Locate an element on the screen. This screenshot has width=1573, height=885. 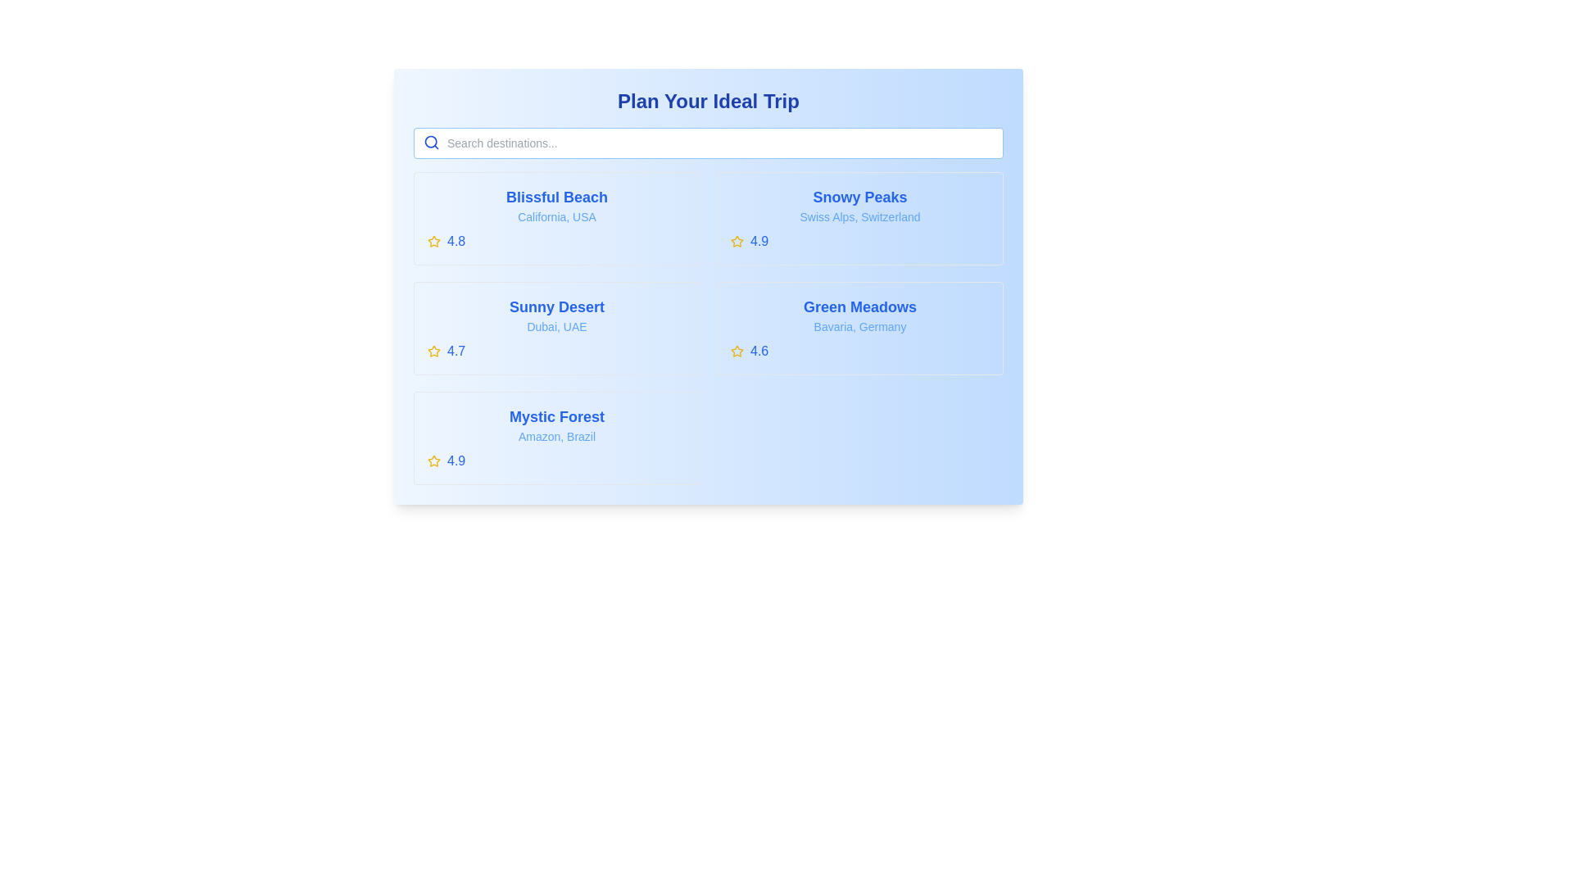
the text label that conveys the rating score of the associated item, located to the right of a yellow star icon within the 'Mystic Forest' entry is located at coordinates (456, 461).